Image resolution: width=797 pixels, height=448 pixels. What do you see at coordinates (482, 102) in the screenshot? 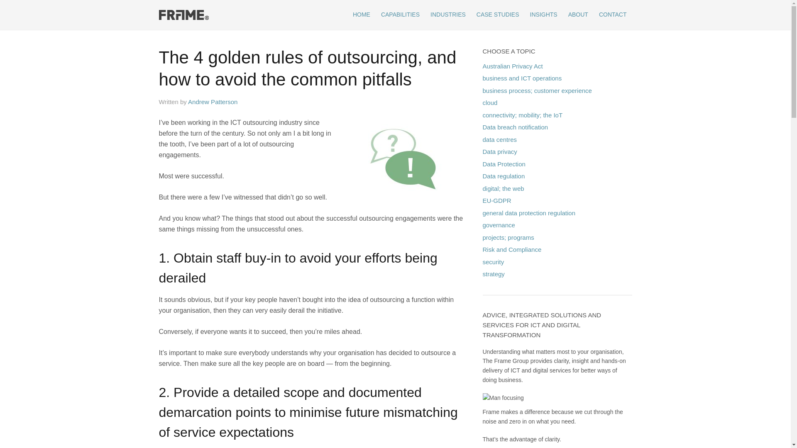
I see `'cloud'` at bounding box center [482, 102].